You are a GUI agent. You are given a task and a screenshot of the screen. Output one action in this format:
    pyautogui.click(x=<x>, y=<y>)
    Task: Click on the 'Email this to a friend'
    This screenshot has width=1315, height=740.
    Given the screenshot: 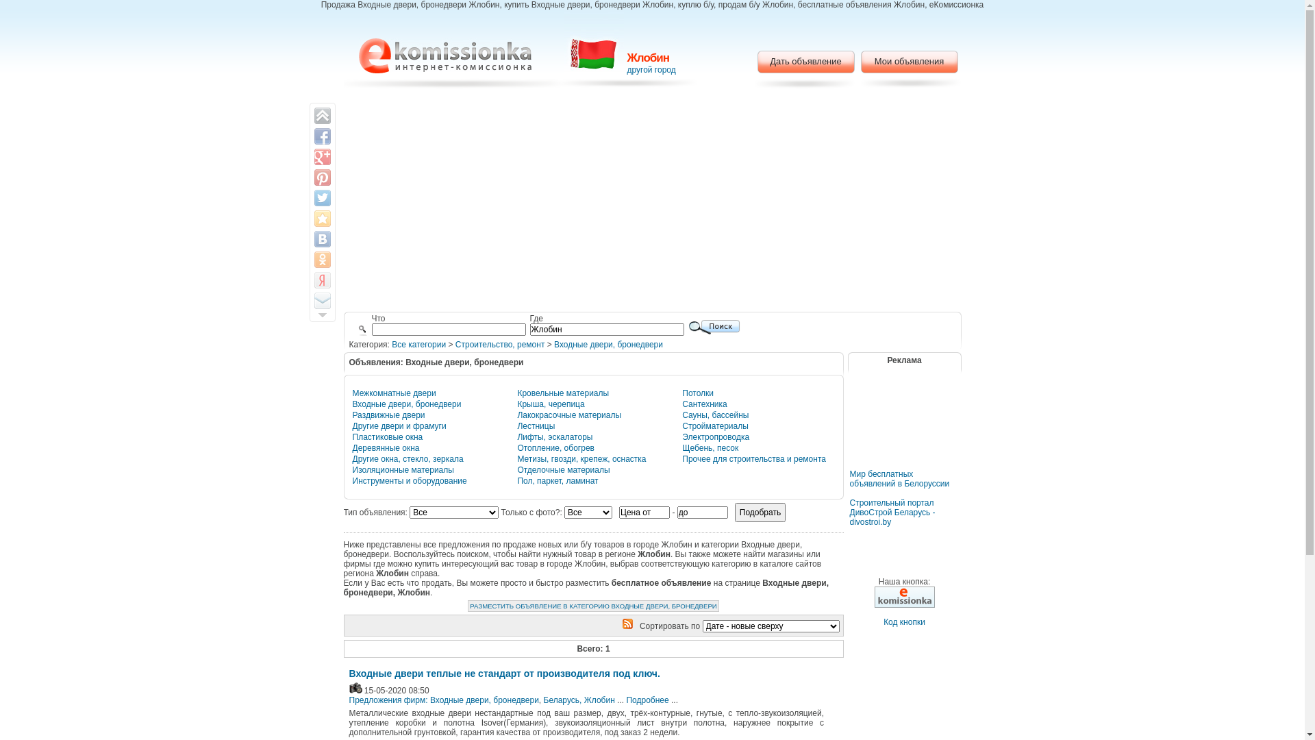 What is the action you would take?
    pyautogui.click(x=312, y=300)
    